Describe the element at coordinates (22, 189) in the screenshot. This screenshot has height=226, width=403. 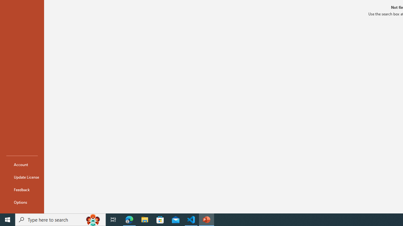
I see `'Feedback'` at that location.